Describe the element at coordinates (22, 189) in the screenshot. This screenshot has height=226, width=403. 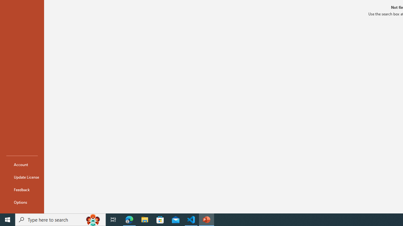
I see `'Feedback'` at that location.